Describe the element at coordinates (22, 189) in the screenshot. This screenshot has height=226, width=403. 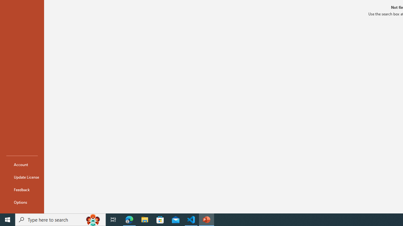
I see `'Feedback'` at that location.